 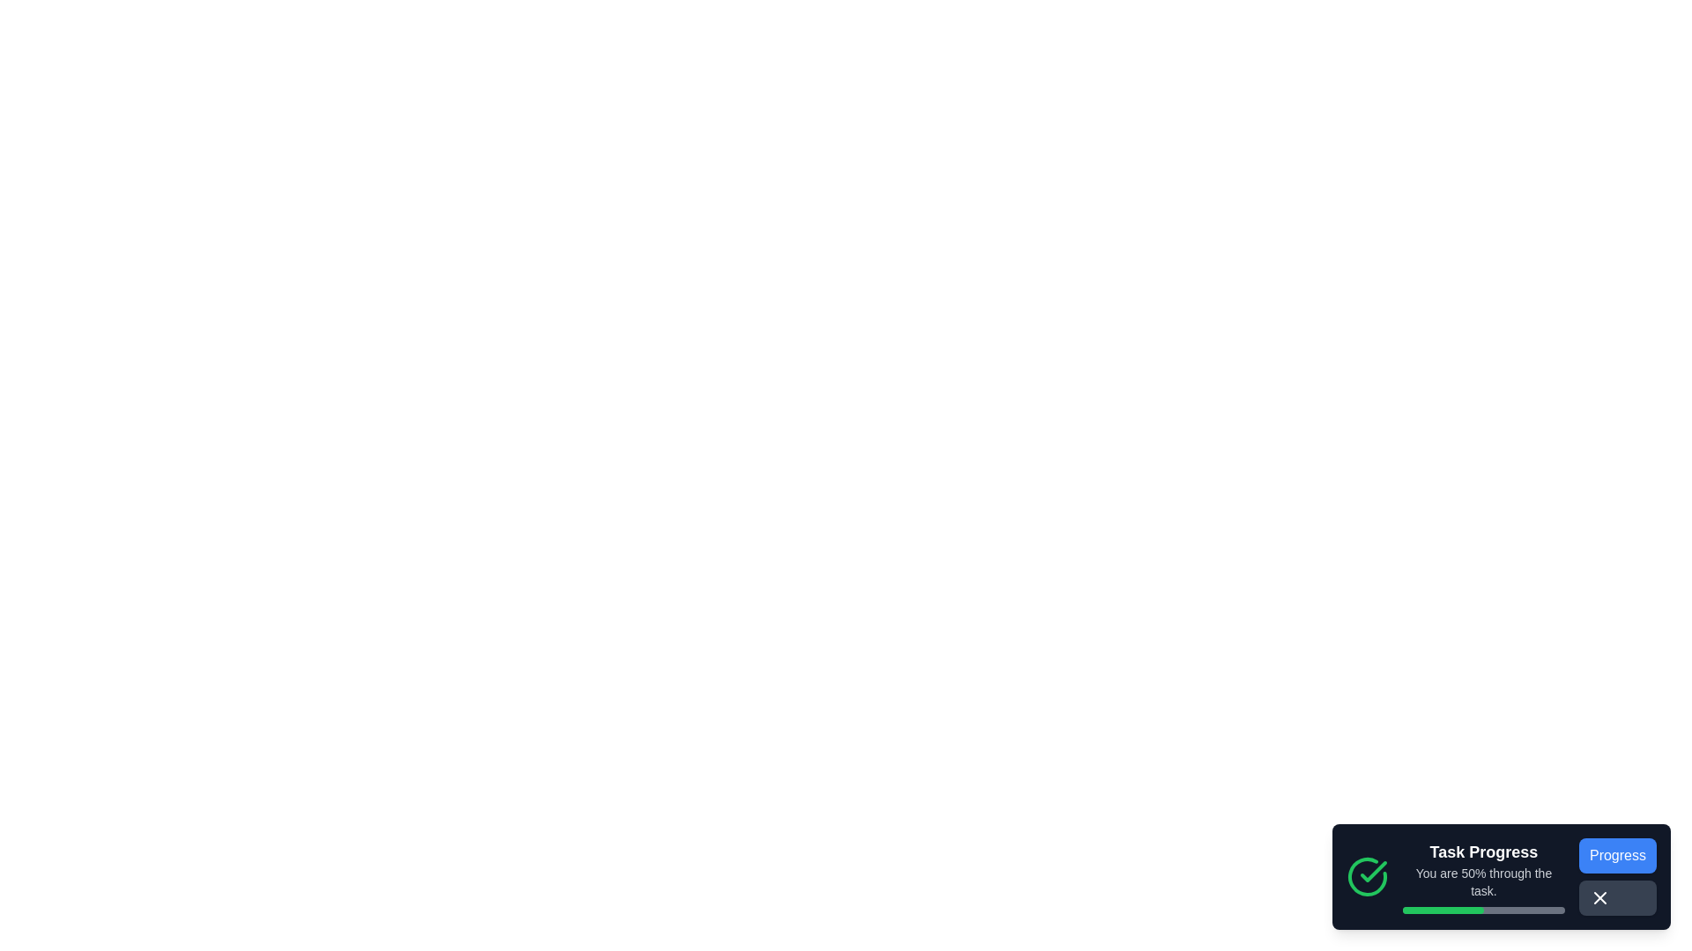 What do you see at coordinates (1617, 855) in the screenshot?
I see `'Progress' button to increase the progress` at bounding box center [1617, 855].